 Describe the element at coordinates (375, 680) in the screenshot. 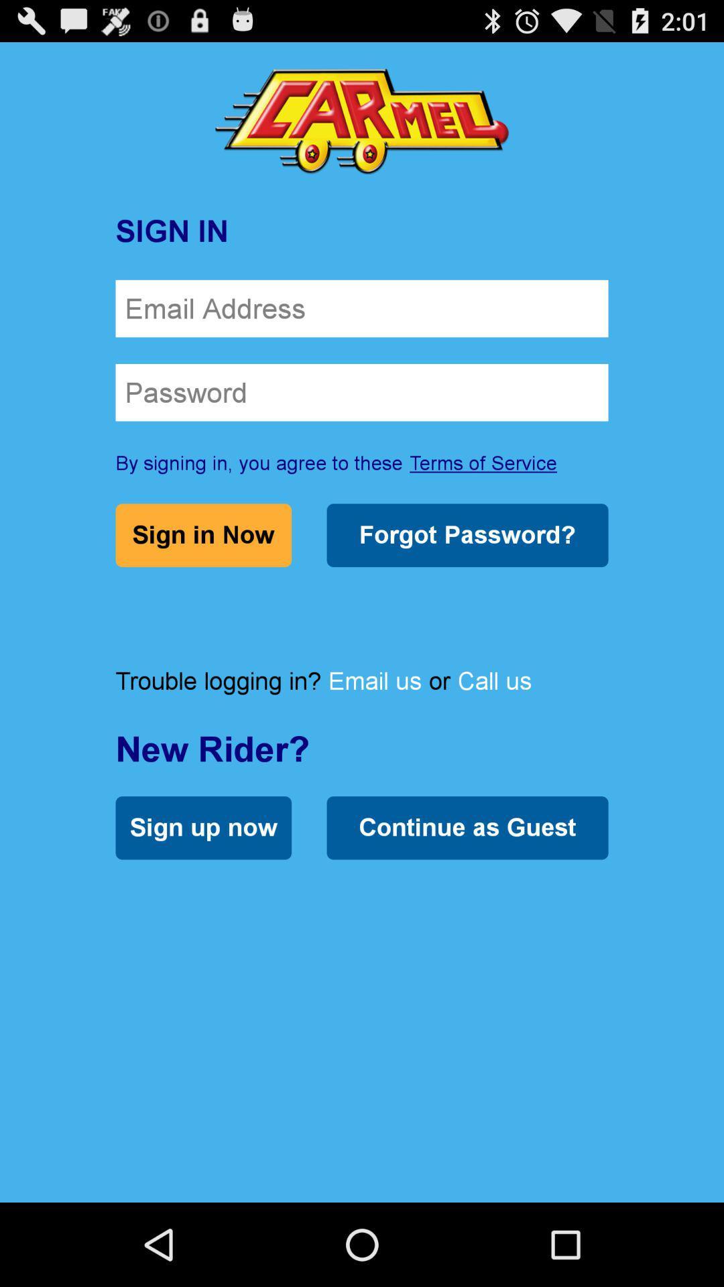

I see `the item to the right of the trouble logging in? item` at that location.